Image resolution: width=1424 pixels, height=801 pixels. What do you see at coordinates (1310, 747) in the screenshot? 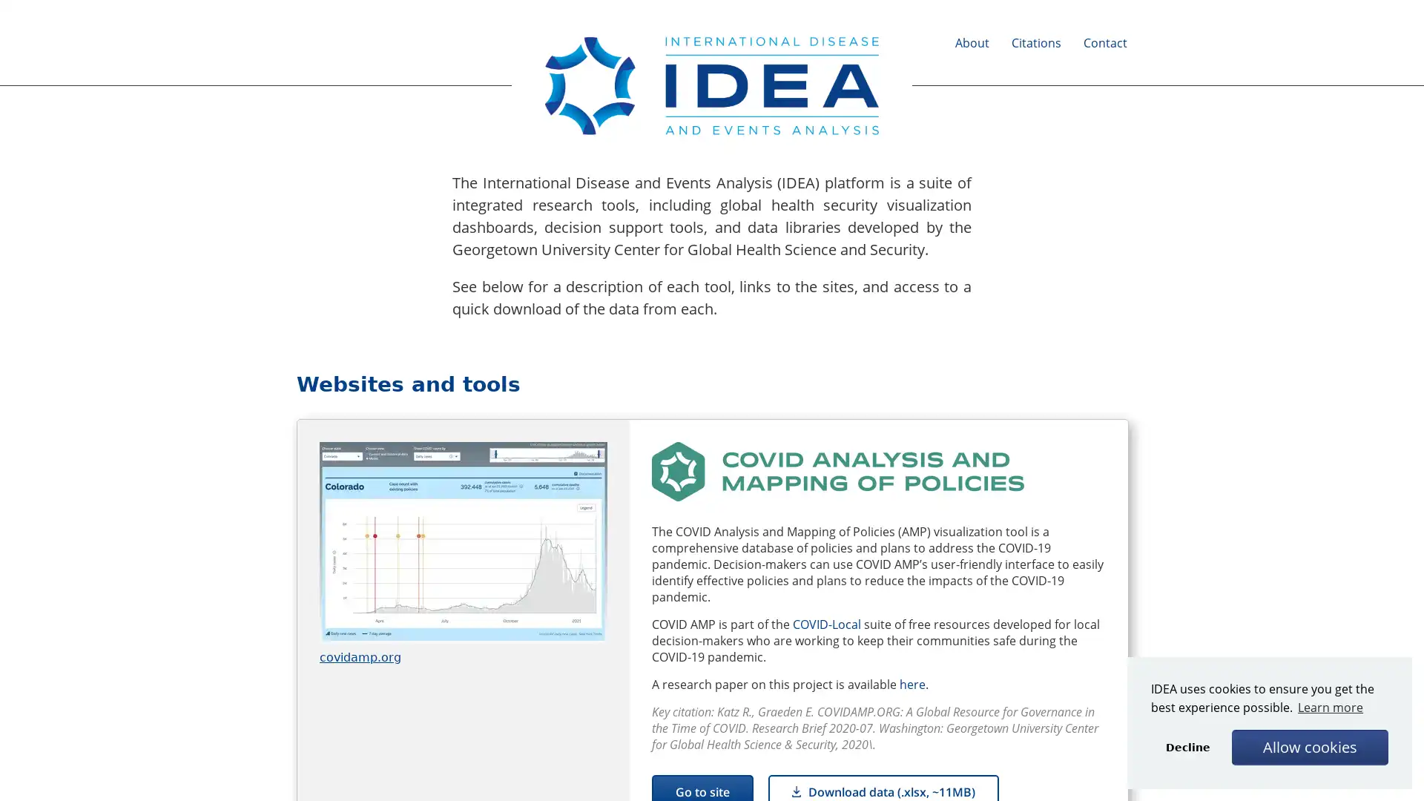
I see `allow cookies` at bounding box center [1310, 747].